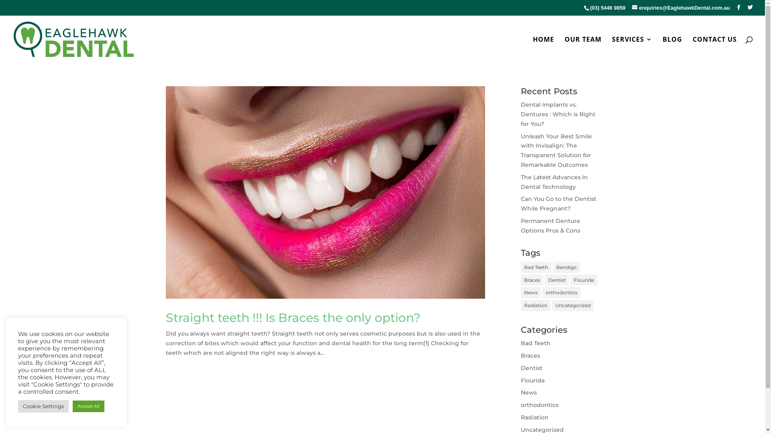 The width and height of the screenshot is (771, 433). Describe the element at coordinates (583, 49) in the screenshot. I see `'OUR TEAM'` at that location.